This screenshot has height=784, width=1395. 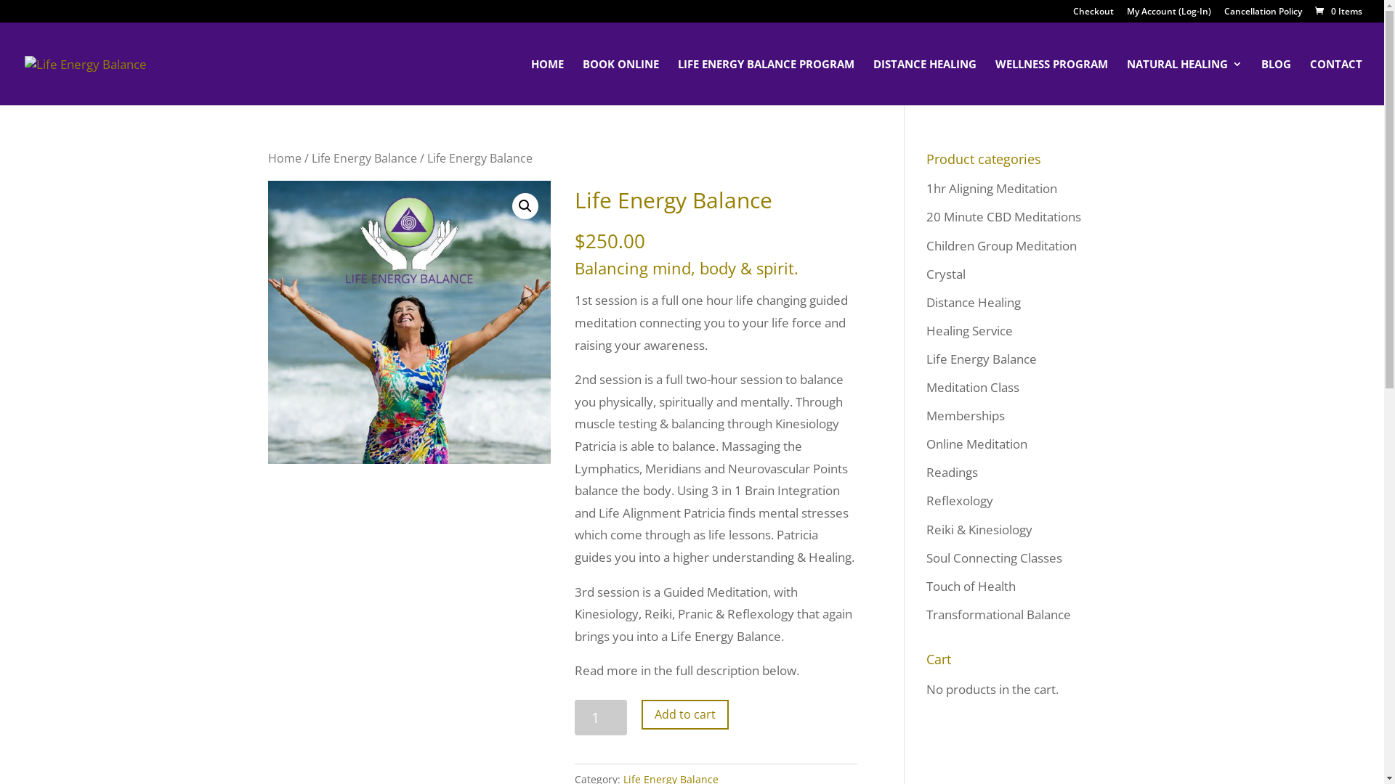 What do you see at coordinates (990, 187) in the screenshot?
I see `'1hr Aligning Meditation'` at bounding box center [990, 187].